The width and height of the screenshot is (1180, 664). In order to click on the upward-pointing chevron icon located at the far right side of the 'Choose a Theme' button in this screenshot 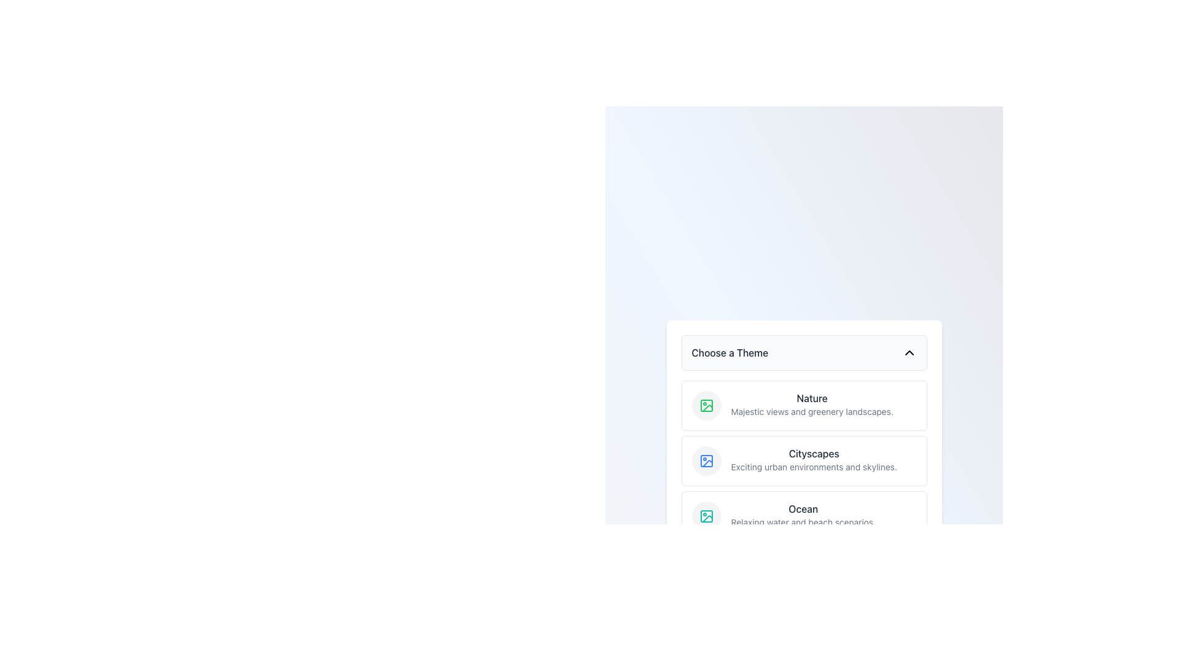, I will do `click(909, 353)`.